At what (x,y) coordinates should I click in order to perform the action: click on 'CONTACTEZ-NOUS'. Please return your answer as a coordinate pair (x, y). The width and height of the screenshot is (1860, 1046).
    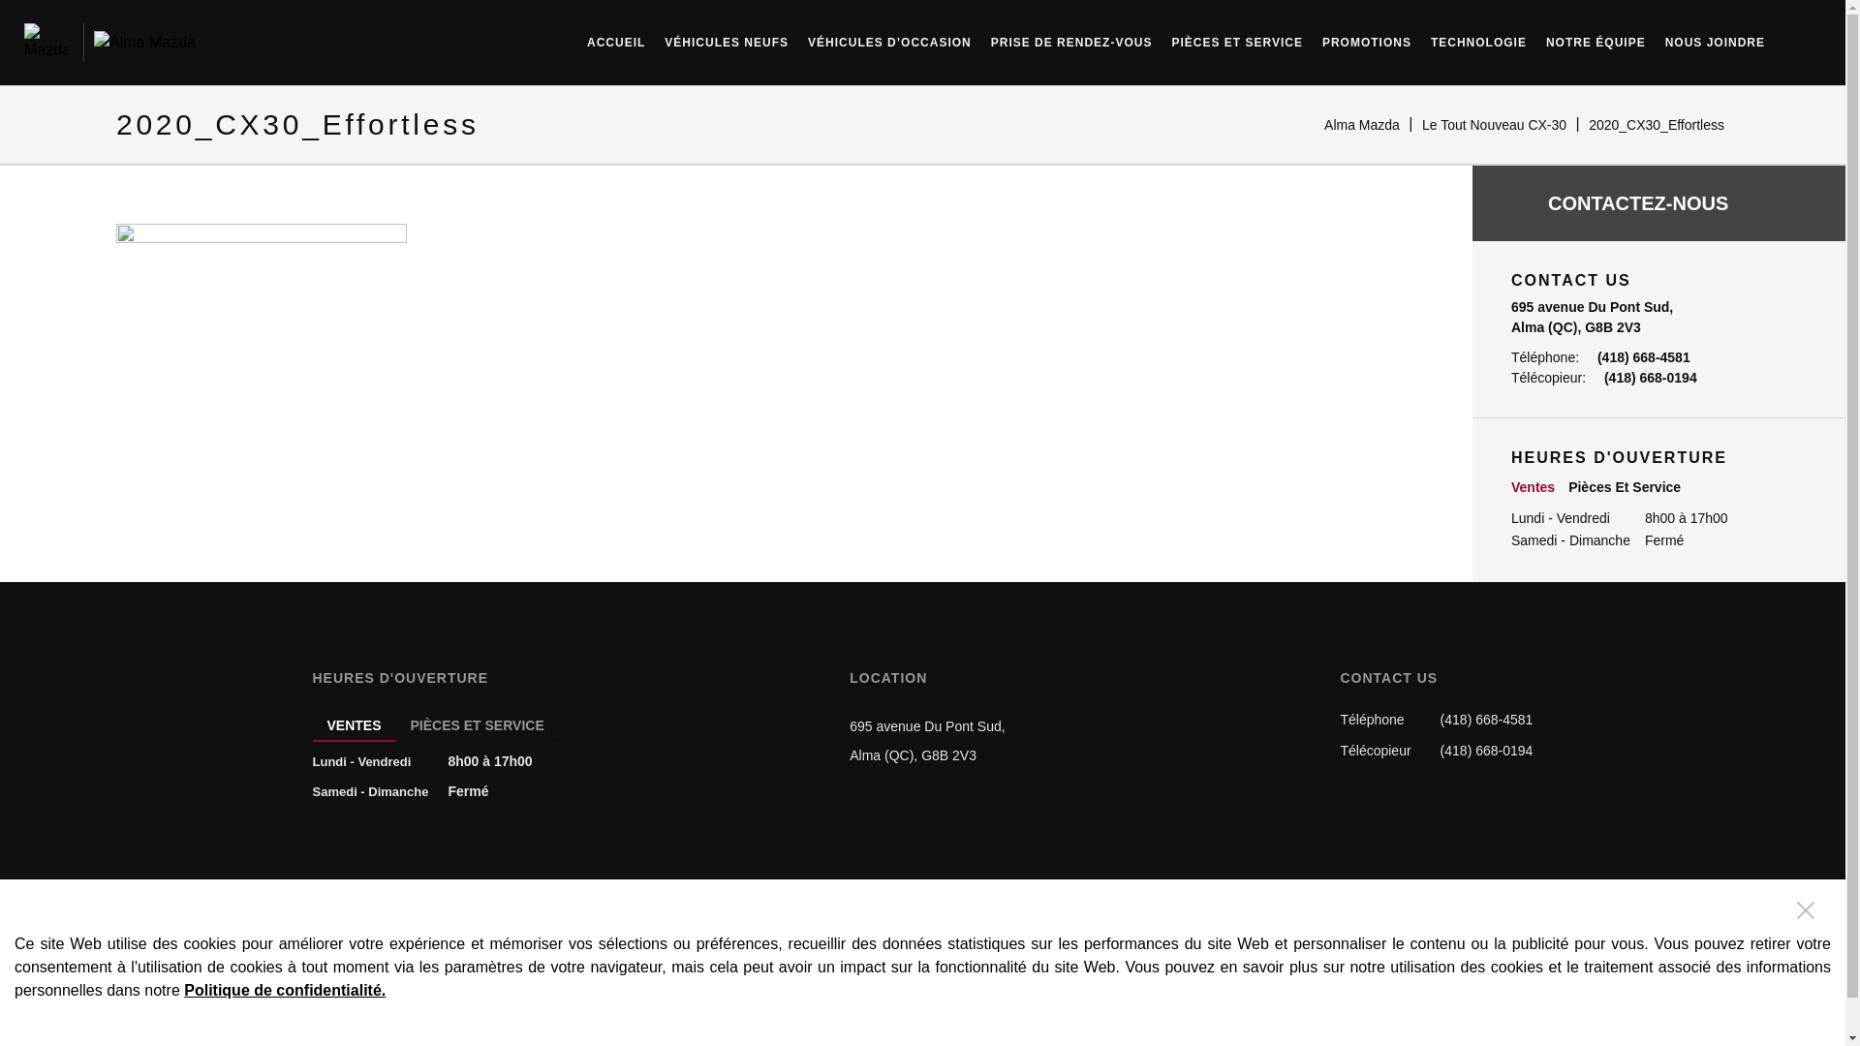
    Looking at the image, I should click on (1658, 202).